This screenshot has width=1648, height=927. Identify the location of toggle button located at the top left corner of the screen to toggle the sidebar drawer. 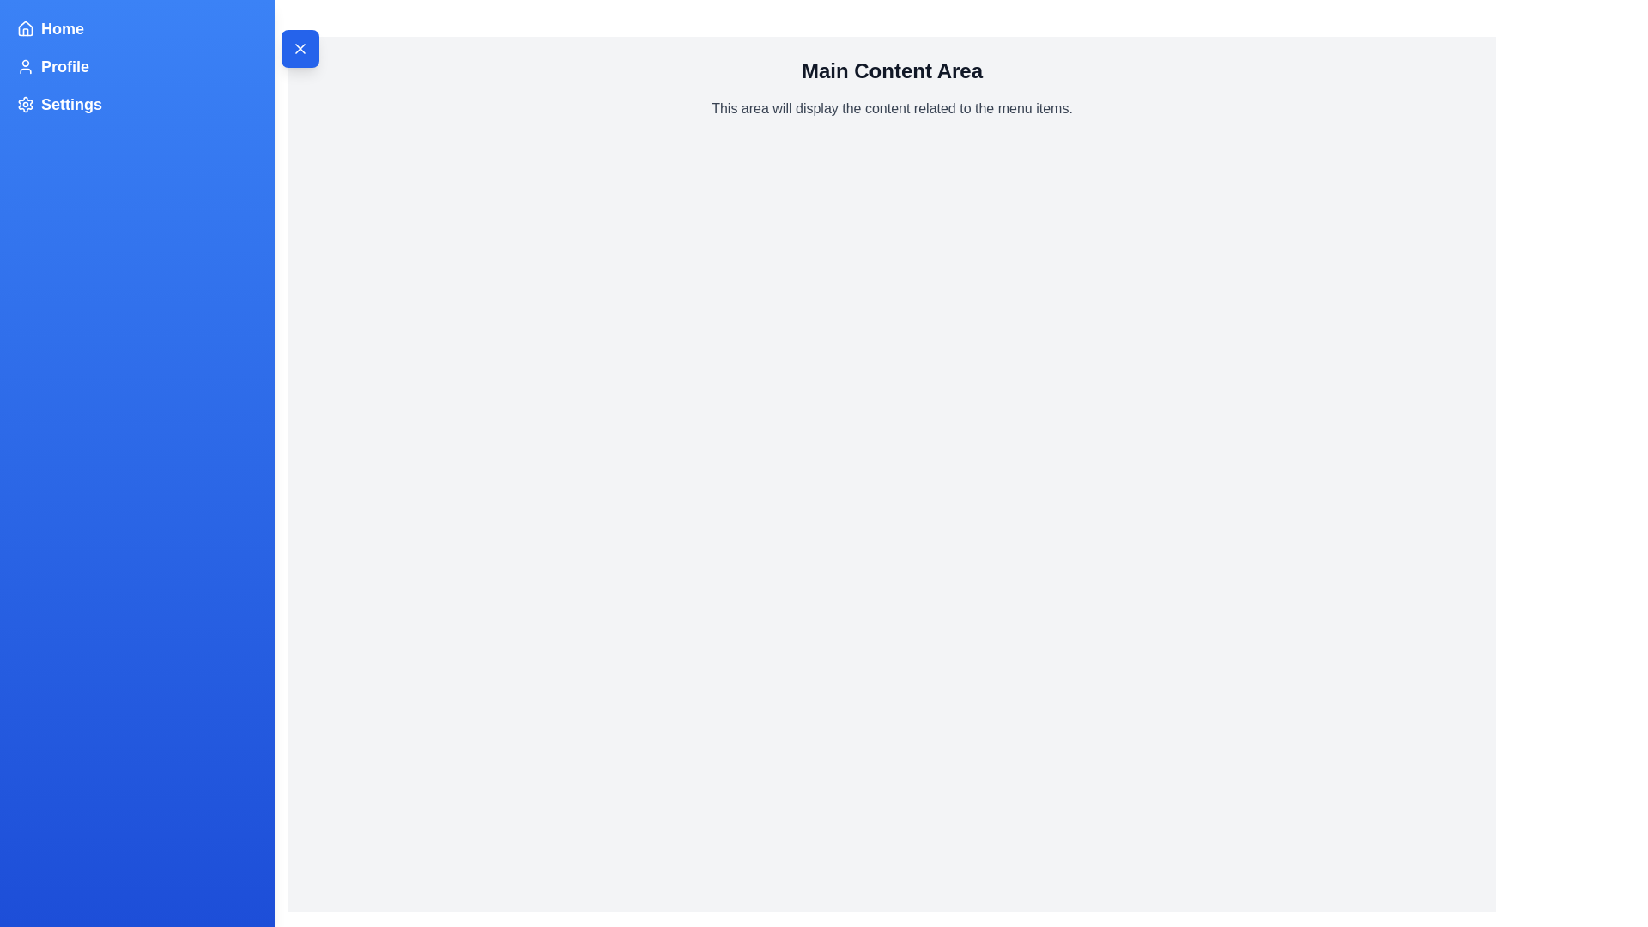
(300, 48).